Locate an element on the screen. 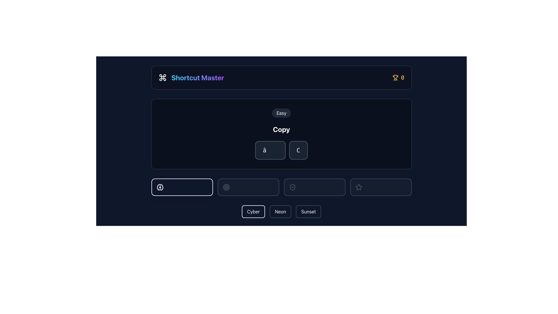 Image resolution: width=558 pixels, height=314 pixels. the decorative icon or branding graphic associated with the title 'Shortcut Master', located in the top-left section of the interface, directly to the left of the title text is located at coordinates (162, 77).